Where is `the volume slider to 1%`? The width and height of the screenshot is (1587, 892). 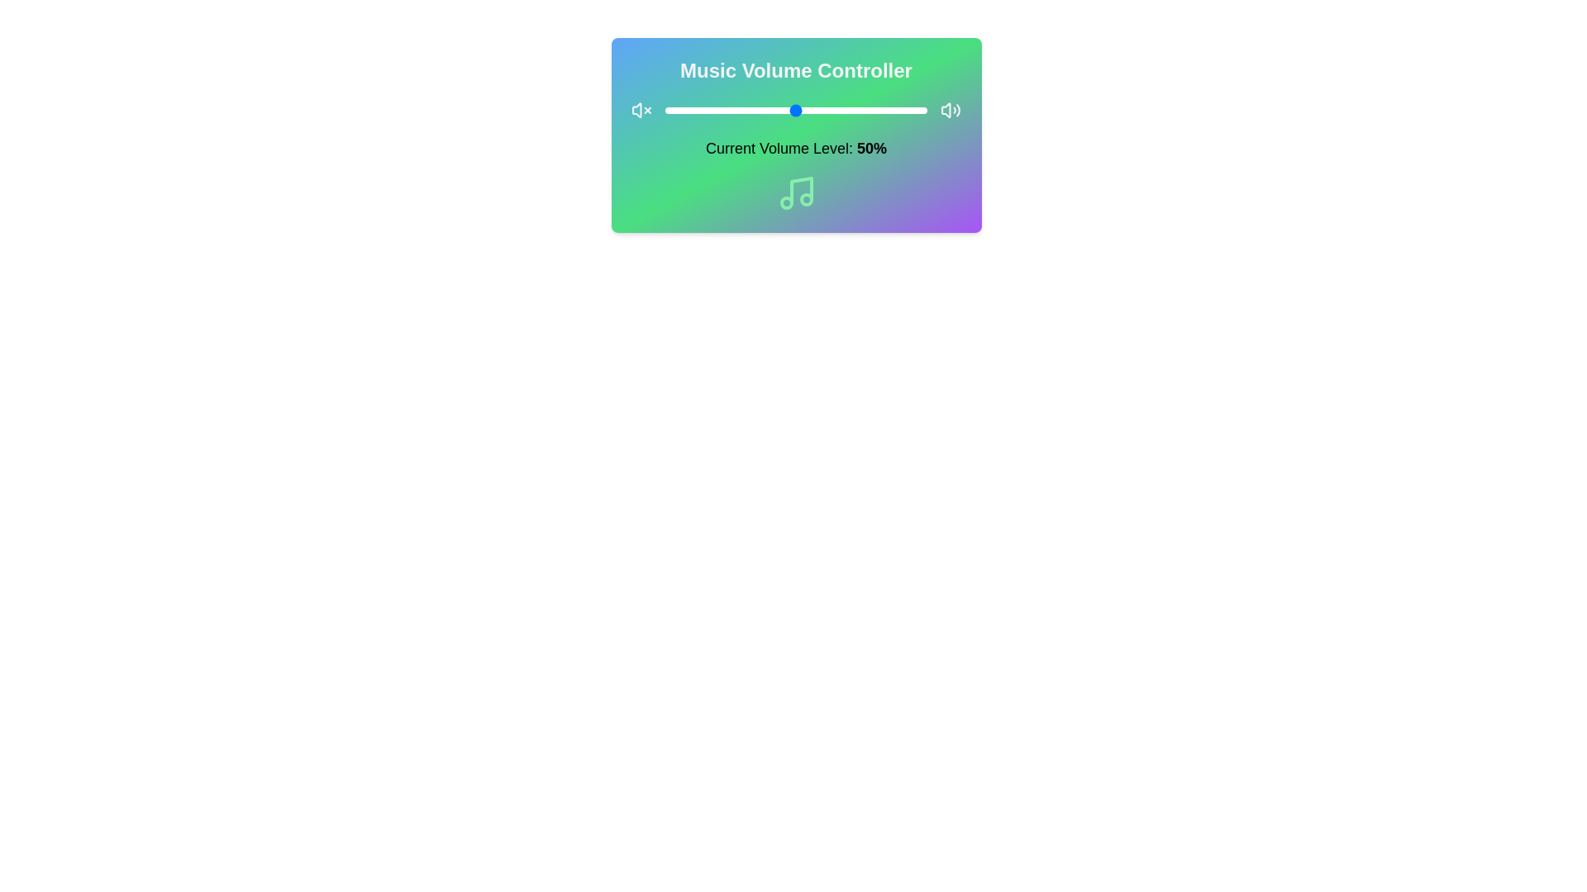 the volume slider to 1% is located at coordinates (668, 111).